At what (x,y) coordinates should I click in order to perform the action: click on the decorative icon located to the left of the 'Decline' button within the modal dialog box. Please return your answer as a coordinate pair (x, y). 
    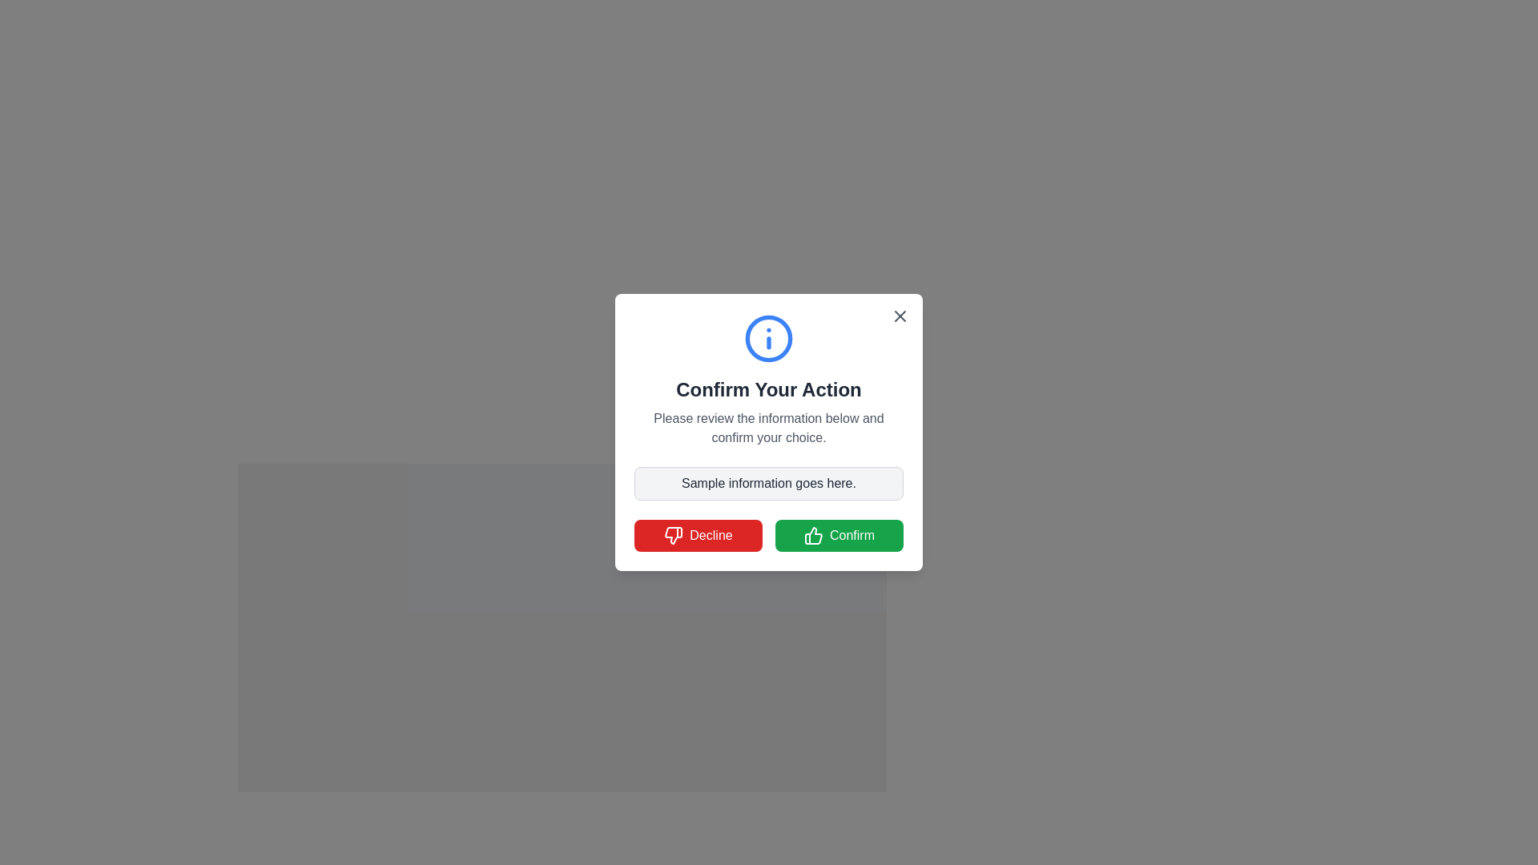
    Looking at the image, I should click on (674, 535).